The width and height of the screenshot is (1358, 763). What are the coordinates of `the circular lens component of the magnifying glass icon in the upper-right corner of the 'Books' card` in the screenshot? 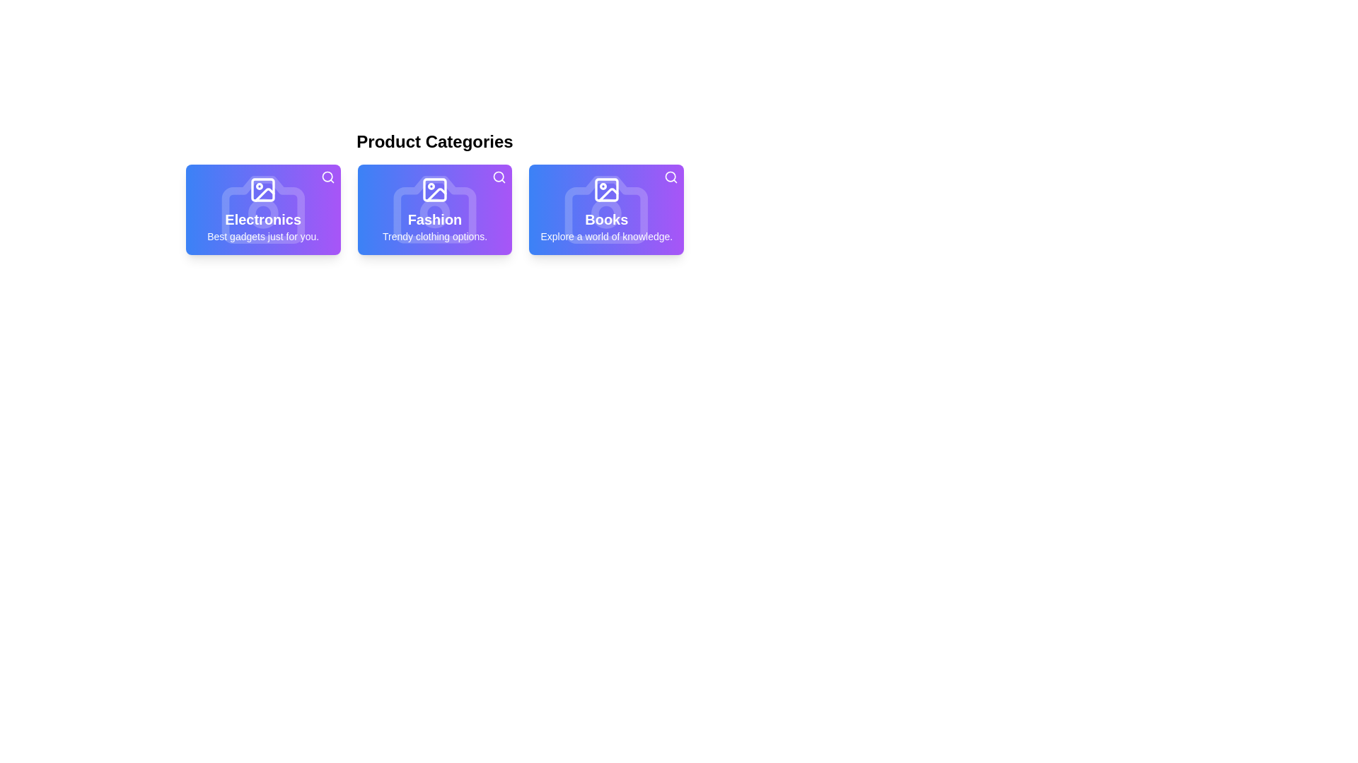 It's located at (670, 176).